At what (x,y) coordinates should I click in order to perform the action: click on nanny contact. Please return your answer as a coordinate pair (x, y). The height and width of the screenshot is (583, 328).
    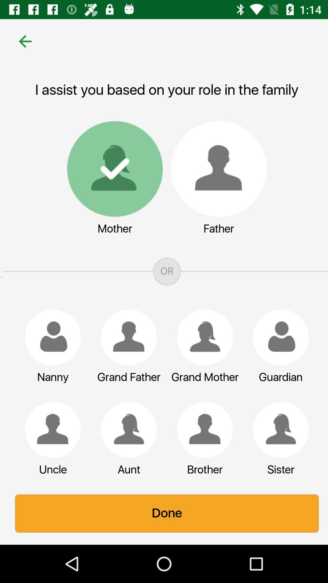
    Looking at the image, I should click on (50, 337).